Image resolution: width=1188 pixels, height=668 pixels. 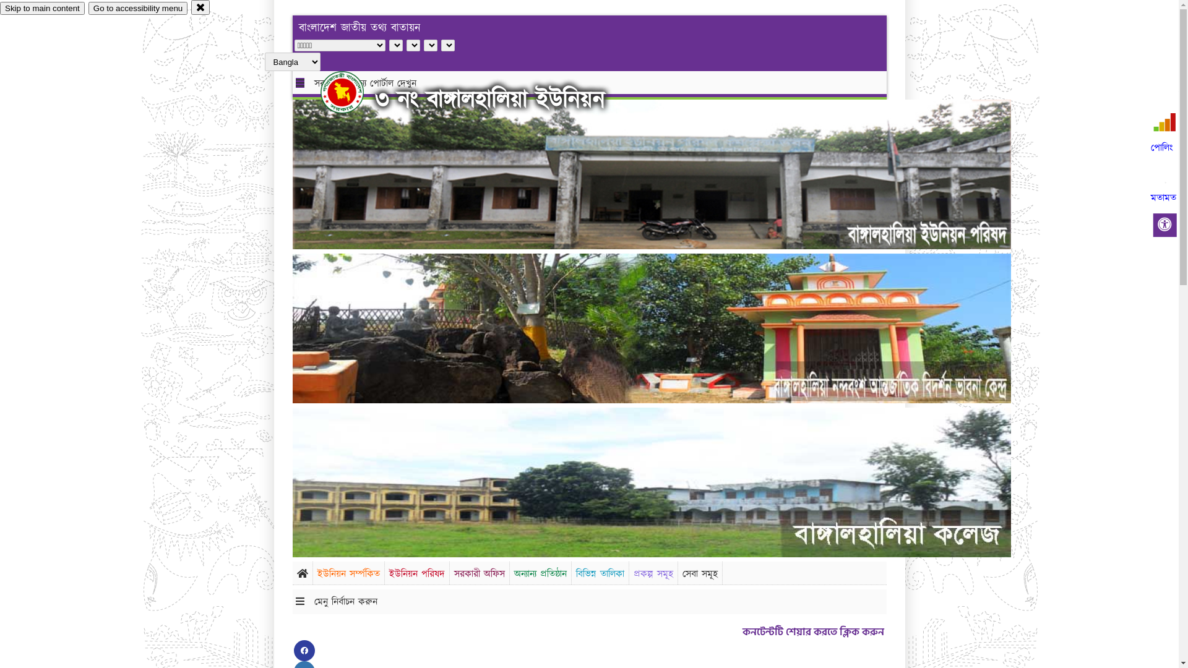 I want to click on 'Go to accessibility menu', so click(x=88, y=8).